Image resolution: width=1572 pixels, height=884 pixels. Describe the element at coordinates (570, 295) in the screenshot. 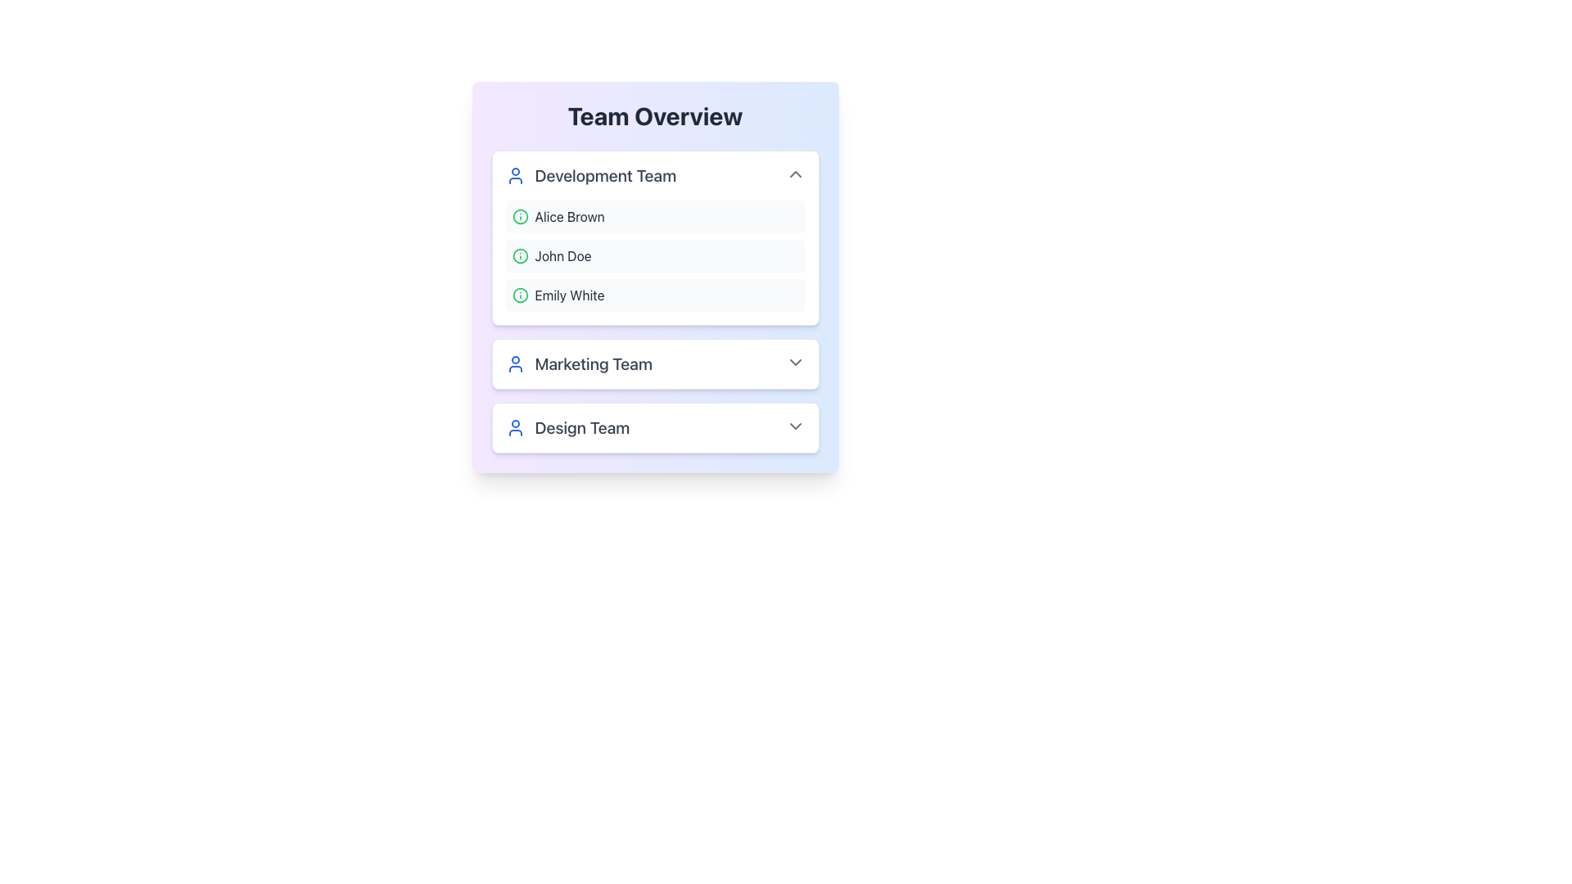

I see `the non-interactive display element showing the name 'Emily White' in the 'Development Team' section of the 'Team Overview' interface` at that location.